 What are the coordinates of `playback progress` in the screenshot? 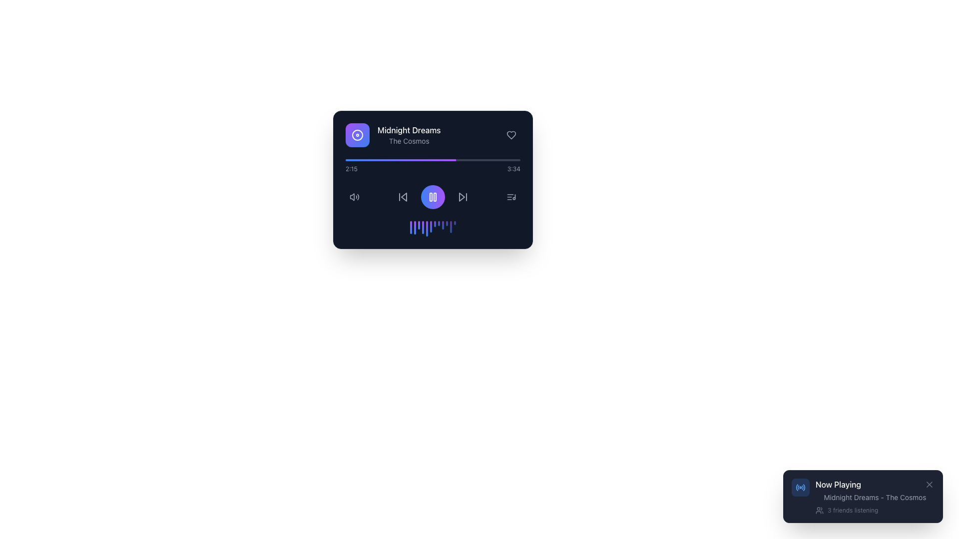 It's located at (416, 159).